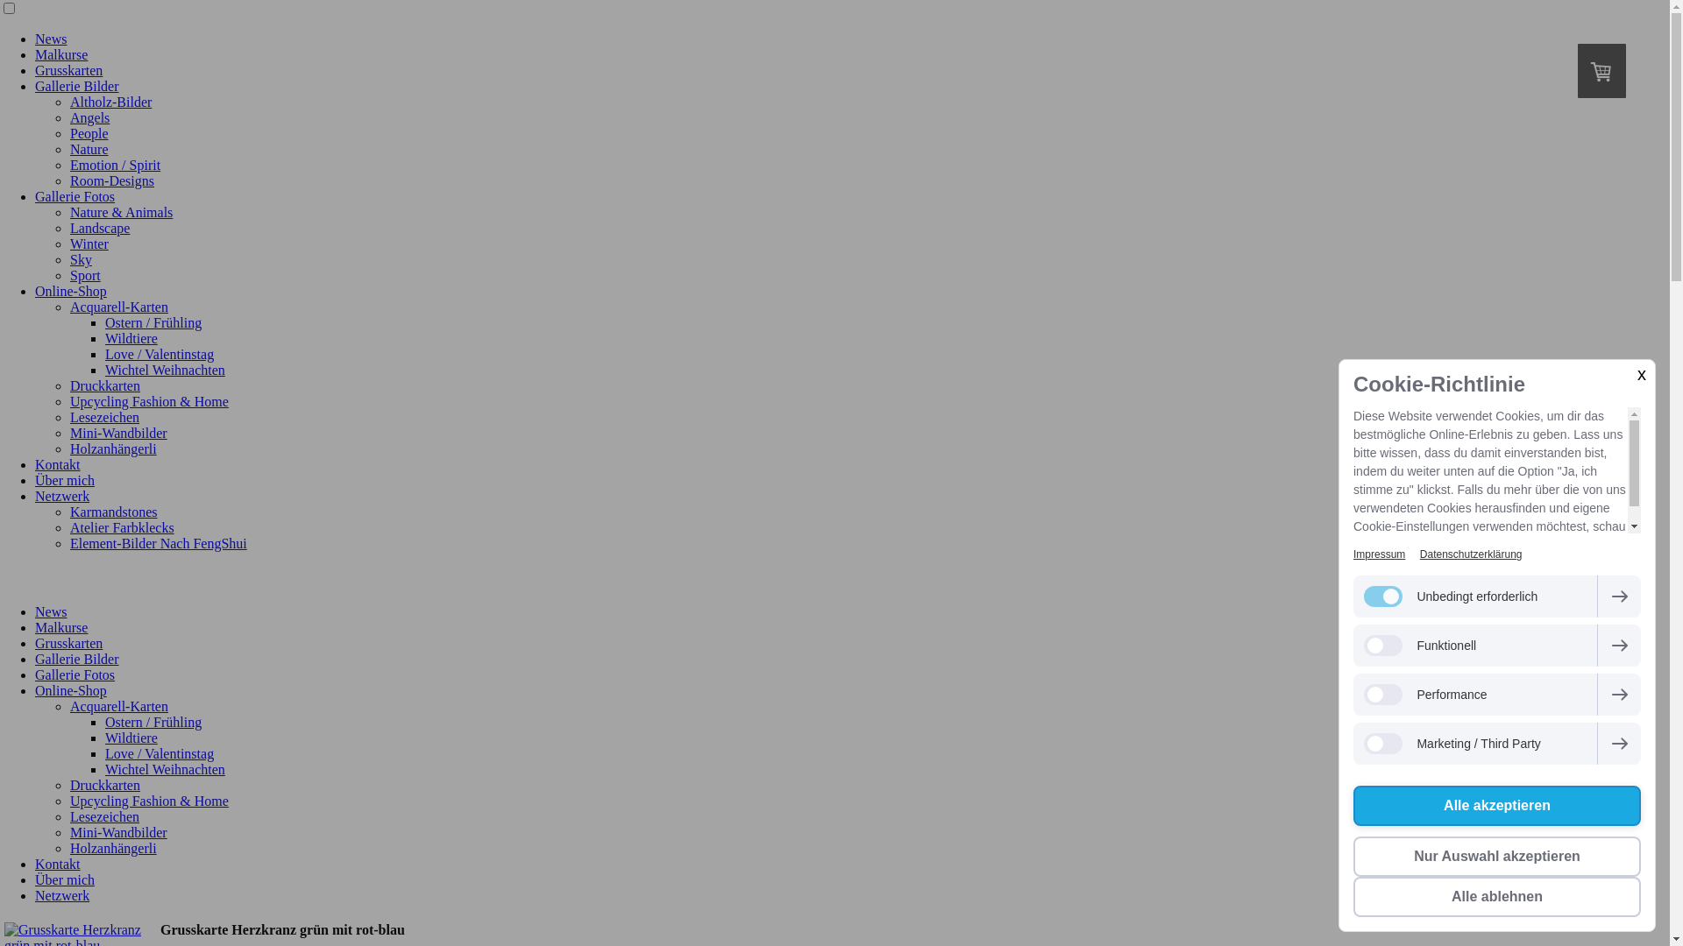  What do you see at coordinates (117, 433) in the screenshot?
I see `'Mini-Wandbilder'` at bounding box center [117, 433].